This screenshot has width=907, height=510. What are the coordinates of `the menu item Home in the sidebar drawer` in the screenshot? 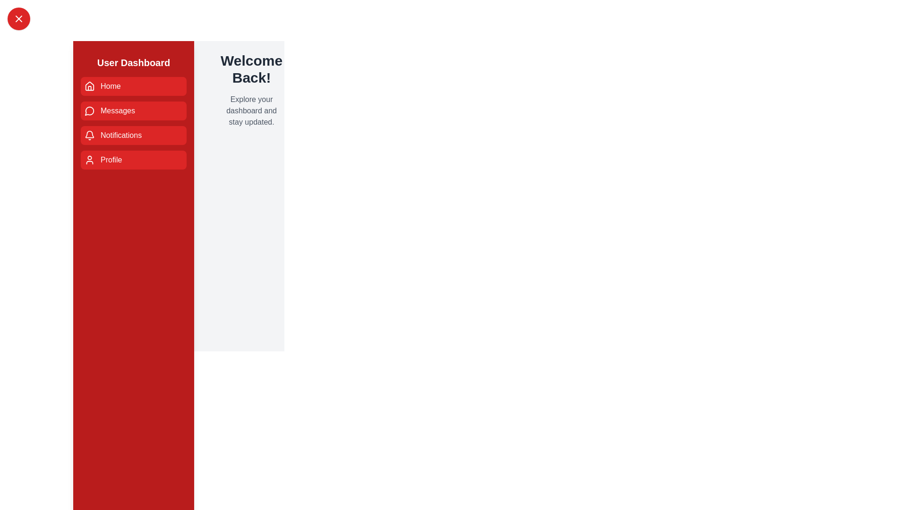 It's located at (133, 86).